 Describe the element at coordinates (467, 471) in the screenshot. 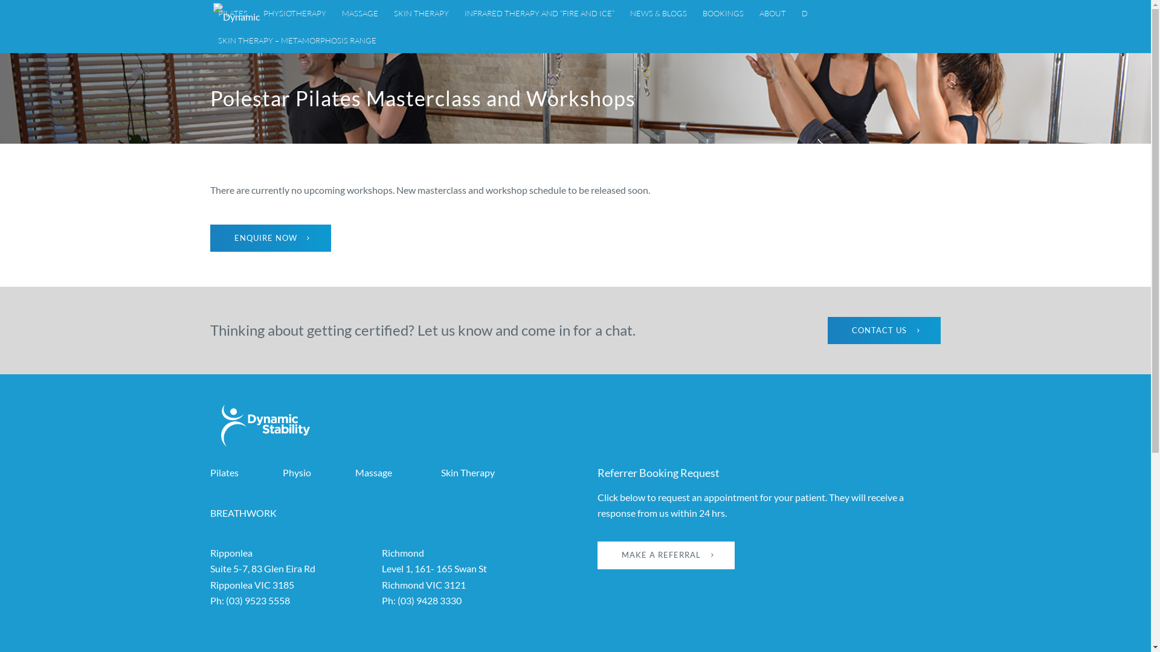

I see `'Skin Therapy'` at that location.